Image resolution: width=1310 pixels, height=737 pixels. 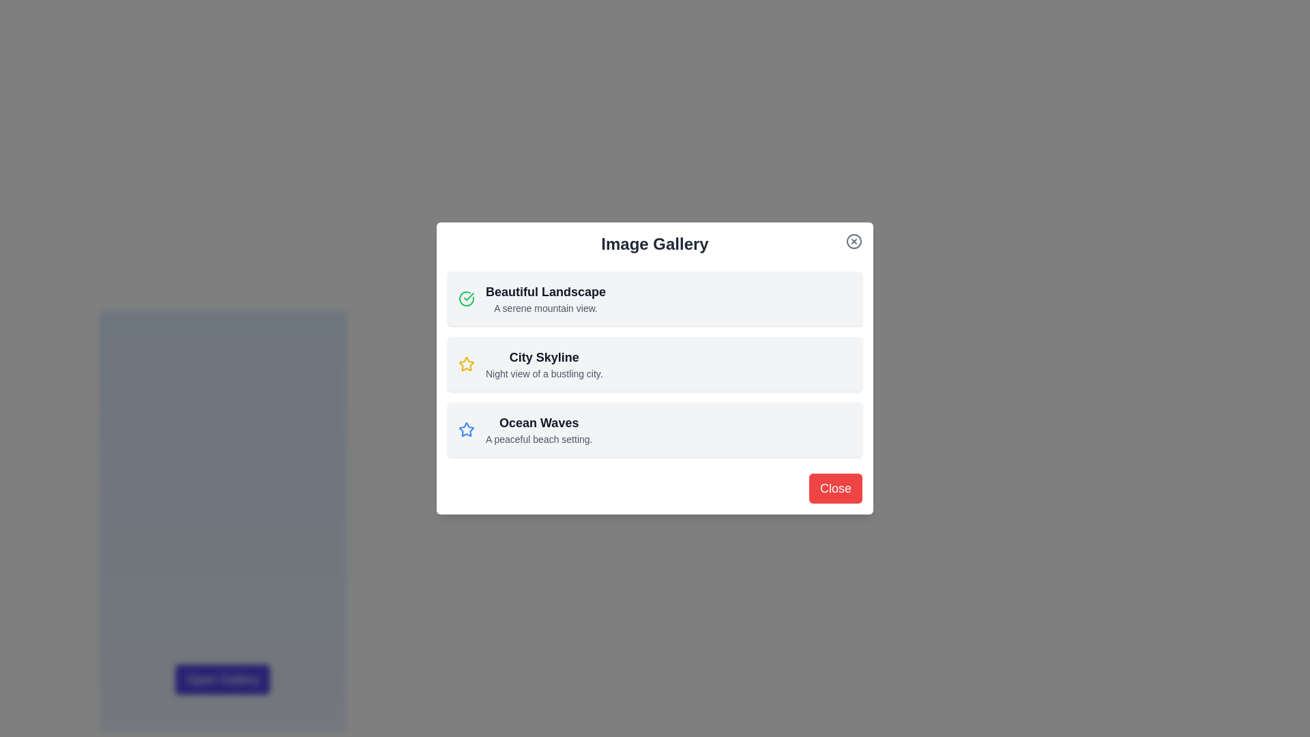 I want to click on the confirmation icon in the Image Gallery modal associated with the 'Beautiful Landscape' item, indicating a completed status, so click(x=469, y=296).